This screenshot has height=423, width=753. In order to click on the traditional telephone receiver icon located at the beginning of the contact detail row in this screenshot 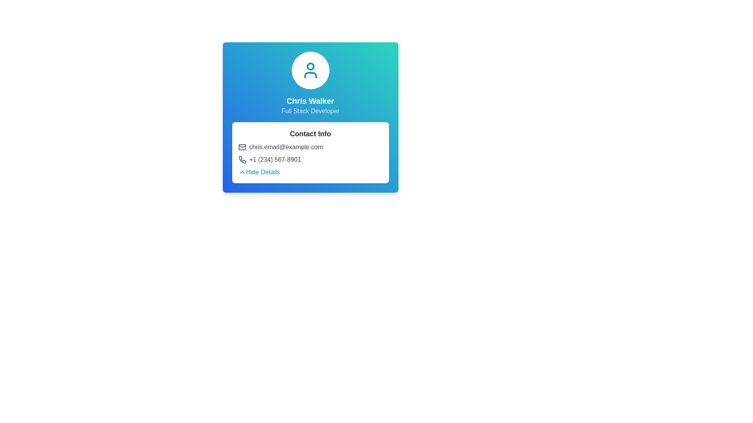, I will do `click(242, 159)`.